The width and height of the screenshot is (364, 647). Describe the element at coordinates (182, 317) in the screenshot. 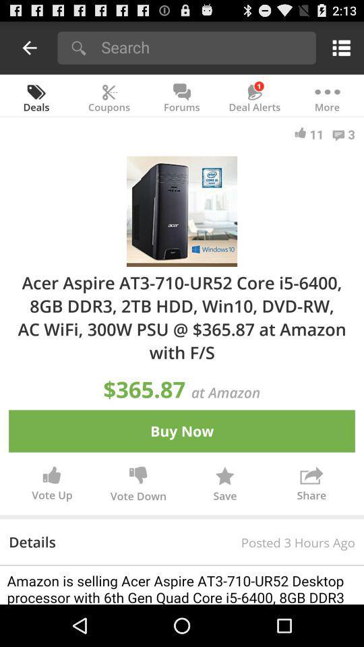

I see `the acer aspire at3 item` at that location.